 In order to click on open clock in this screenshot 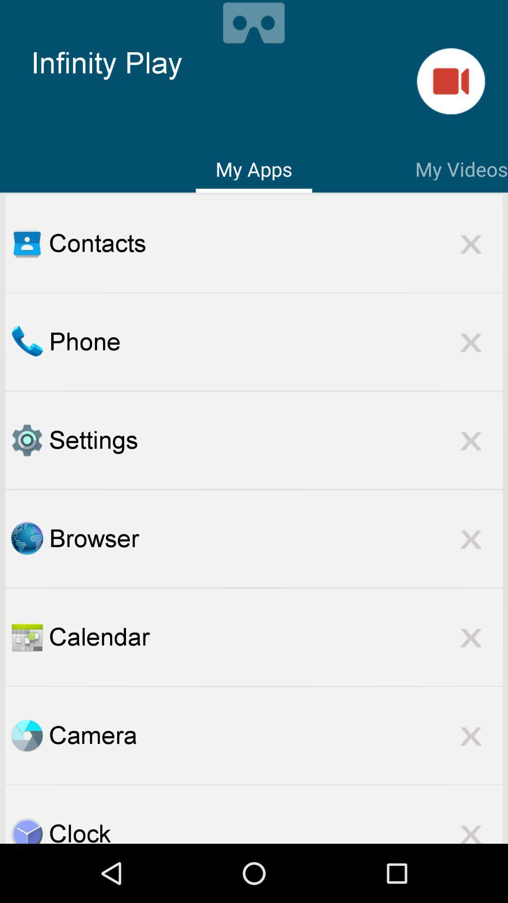, I will do `click(26, 830)`.